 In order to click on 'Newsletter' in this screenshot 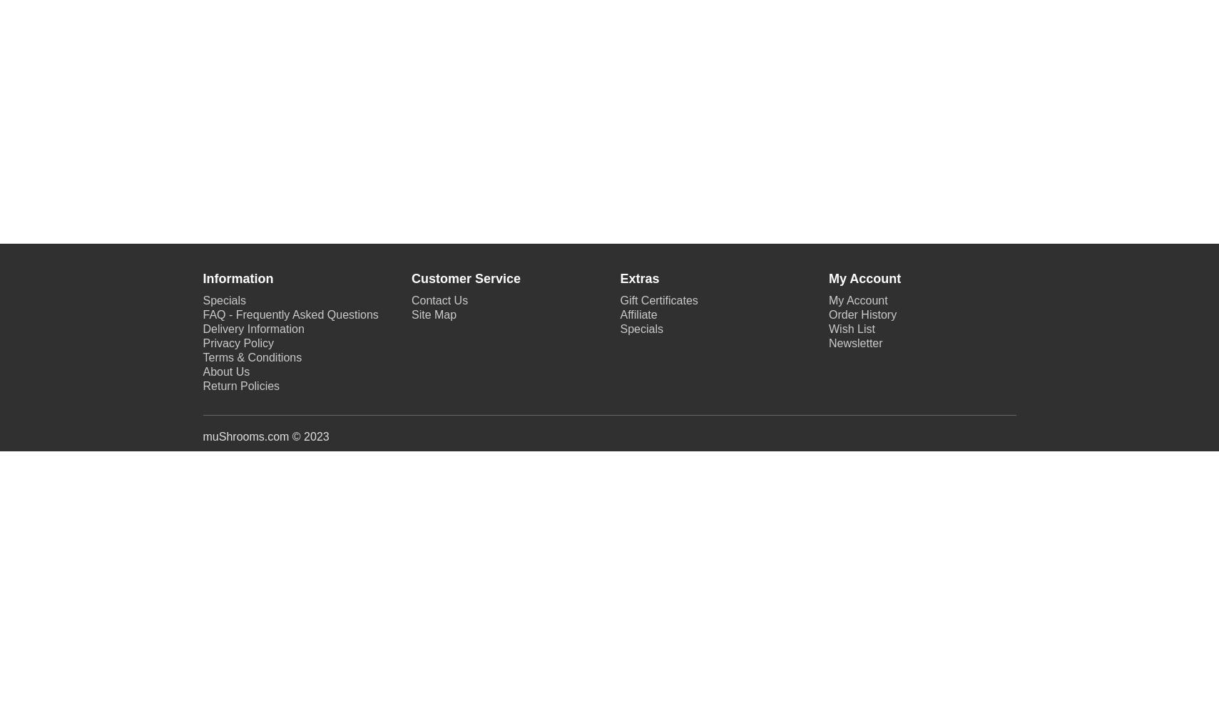, I will do `click(855, 342)`.